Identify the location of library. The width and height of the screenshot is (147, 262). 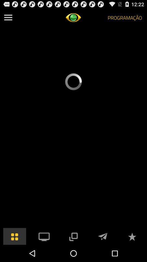
(15, 236).